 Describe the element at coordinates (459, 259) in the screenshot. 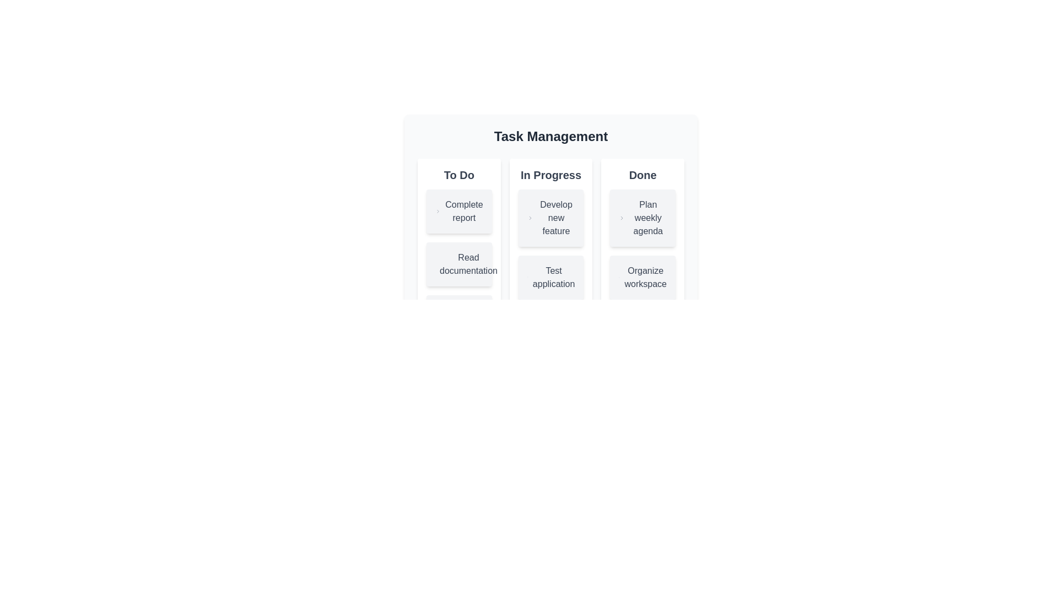

I see `tasks out of the 'To Do' card element located in the far-left column of the interface, which contains the heading 'To Do' and lists tasks such as 'Complete report,' 'Read documentation,' and 'Schedule meeting.'` at that location.